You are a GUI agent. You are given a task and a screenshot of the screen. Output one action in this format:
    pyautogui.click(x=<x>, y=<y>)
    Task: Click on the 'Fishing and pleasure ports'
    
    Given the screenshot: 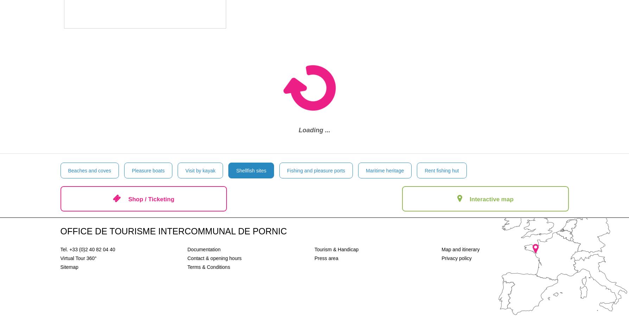 What is the action you would take?
    pyautogui.click(x=287, y=170)
    